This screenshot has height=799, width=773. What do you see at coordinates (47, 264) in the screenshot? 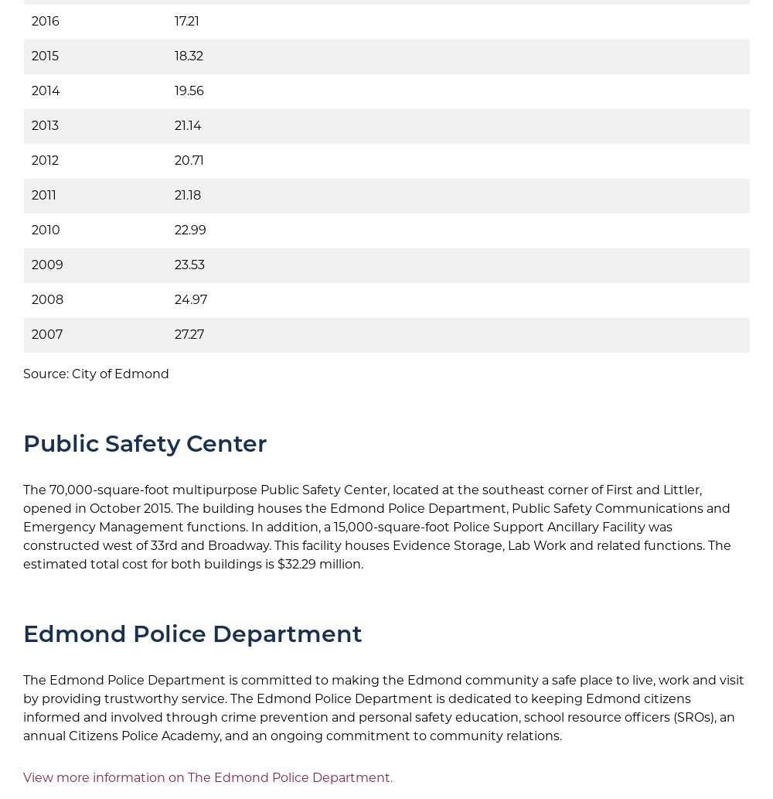
I see `'2009'` at bounding box center [47, 264].